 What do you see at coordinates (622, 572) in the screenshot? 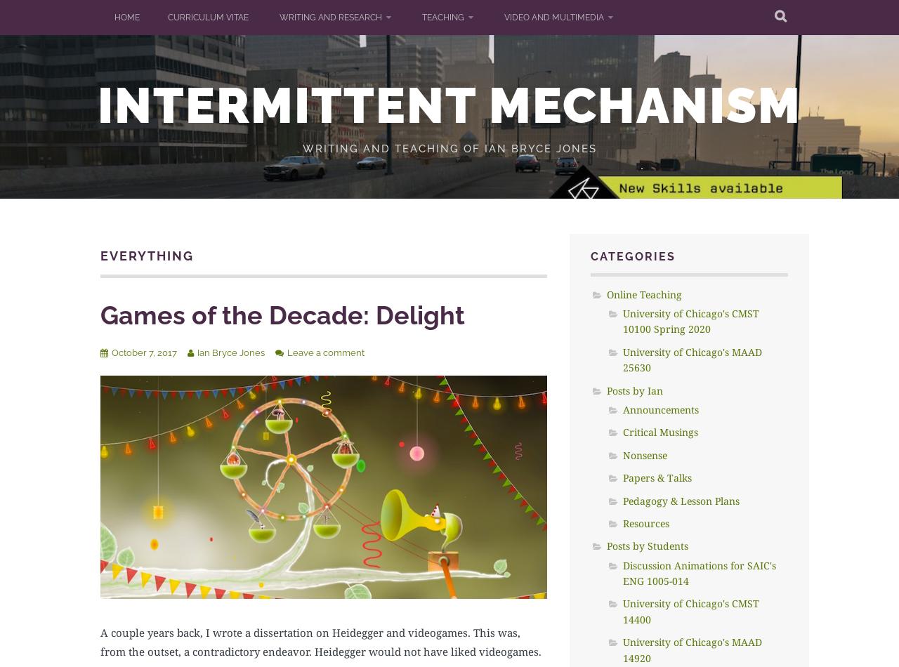
I see `'Discussion Animations for SAIC's ENG 1005-014'` at bounding box center [622, 572].